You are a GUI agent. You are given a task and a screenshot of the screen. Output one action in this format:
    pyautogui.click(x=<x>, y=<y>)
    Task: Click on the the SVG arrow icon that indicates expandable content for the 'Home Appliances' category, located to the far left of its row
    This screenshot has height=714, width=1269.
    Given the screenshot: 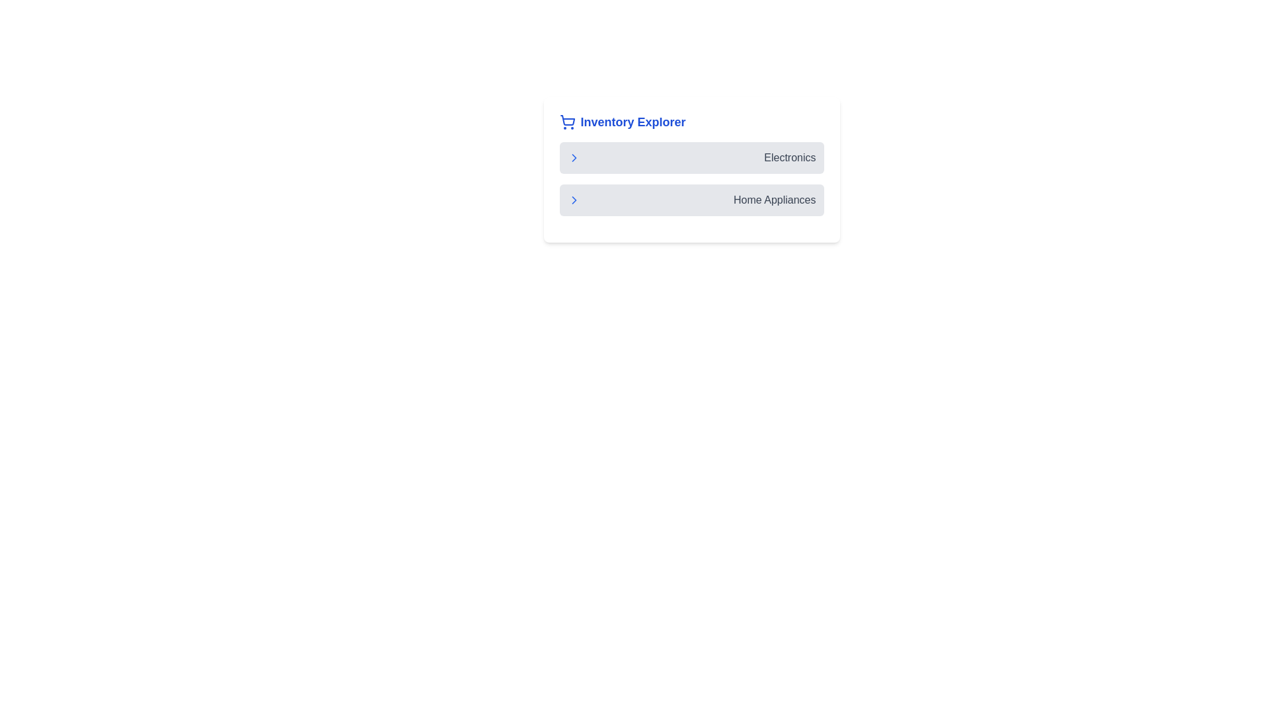 What is the action you would take?
    pyautogui.click(x=574, y=200)
    